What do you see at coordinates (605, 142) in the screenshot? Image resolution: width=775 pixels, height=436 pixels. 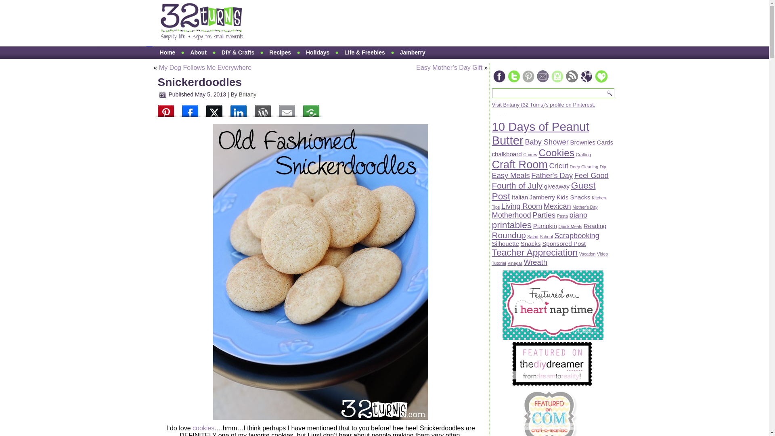 I see `'Cards'` at bounding box center [605, 142].